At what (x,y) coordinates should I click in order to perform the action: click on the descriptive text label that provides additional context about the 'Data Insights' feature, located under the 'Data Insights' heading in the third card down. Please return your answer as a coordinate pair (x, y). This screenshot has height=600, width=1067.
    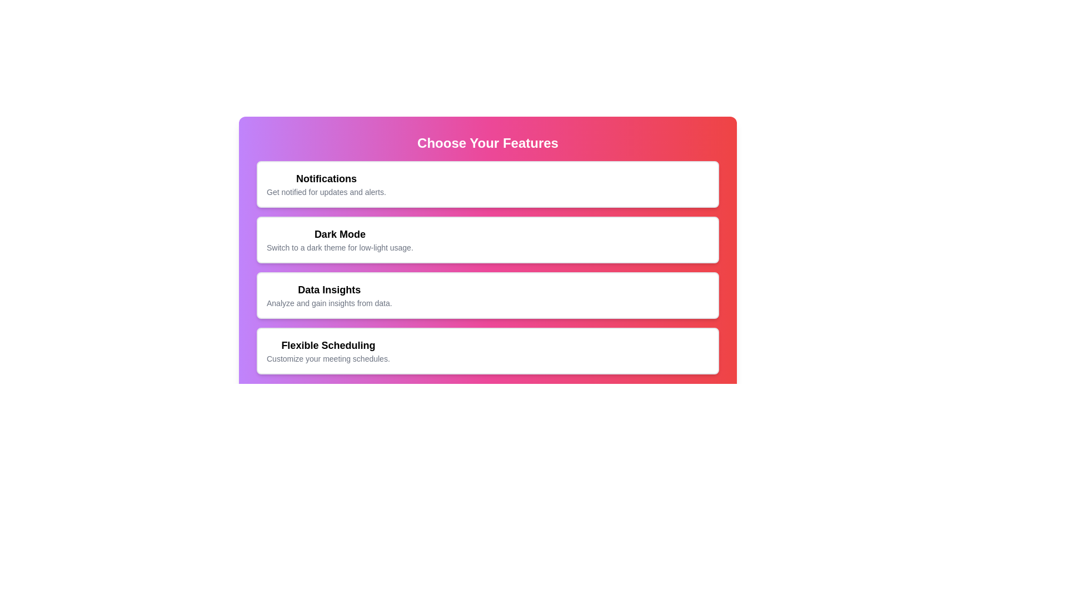
    Looking at the image, I should click on (328, 303).